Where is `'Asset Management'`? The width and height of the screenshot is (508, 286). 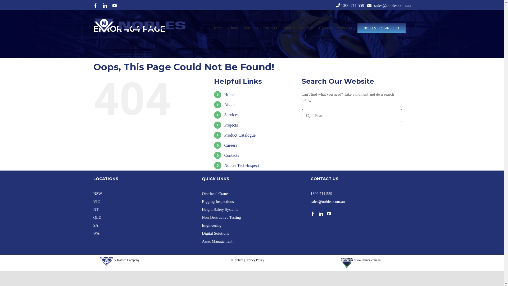
'Asset Management' is located at coordinates (217, 241).